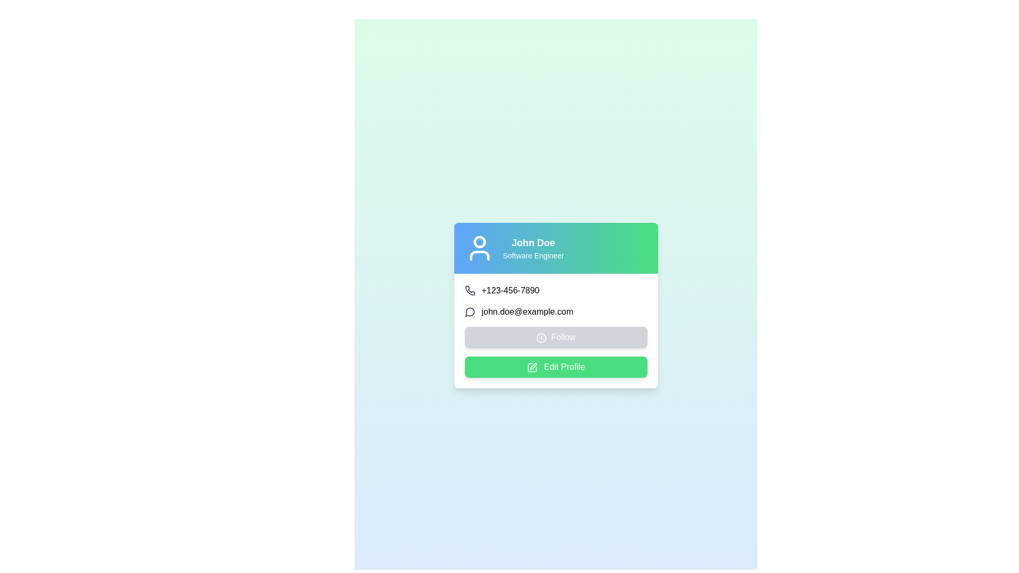  What do you see at coordinates (533, 256) in the screenshot?
I see `the text label displaying 'Software Engineer' which is positioned below the 'John Doe' text in the profile card header` at bounding box center [533, 256].